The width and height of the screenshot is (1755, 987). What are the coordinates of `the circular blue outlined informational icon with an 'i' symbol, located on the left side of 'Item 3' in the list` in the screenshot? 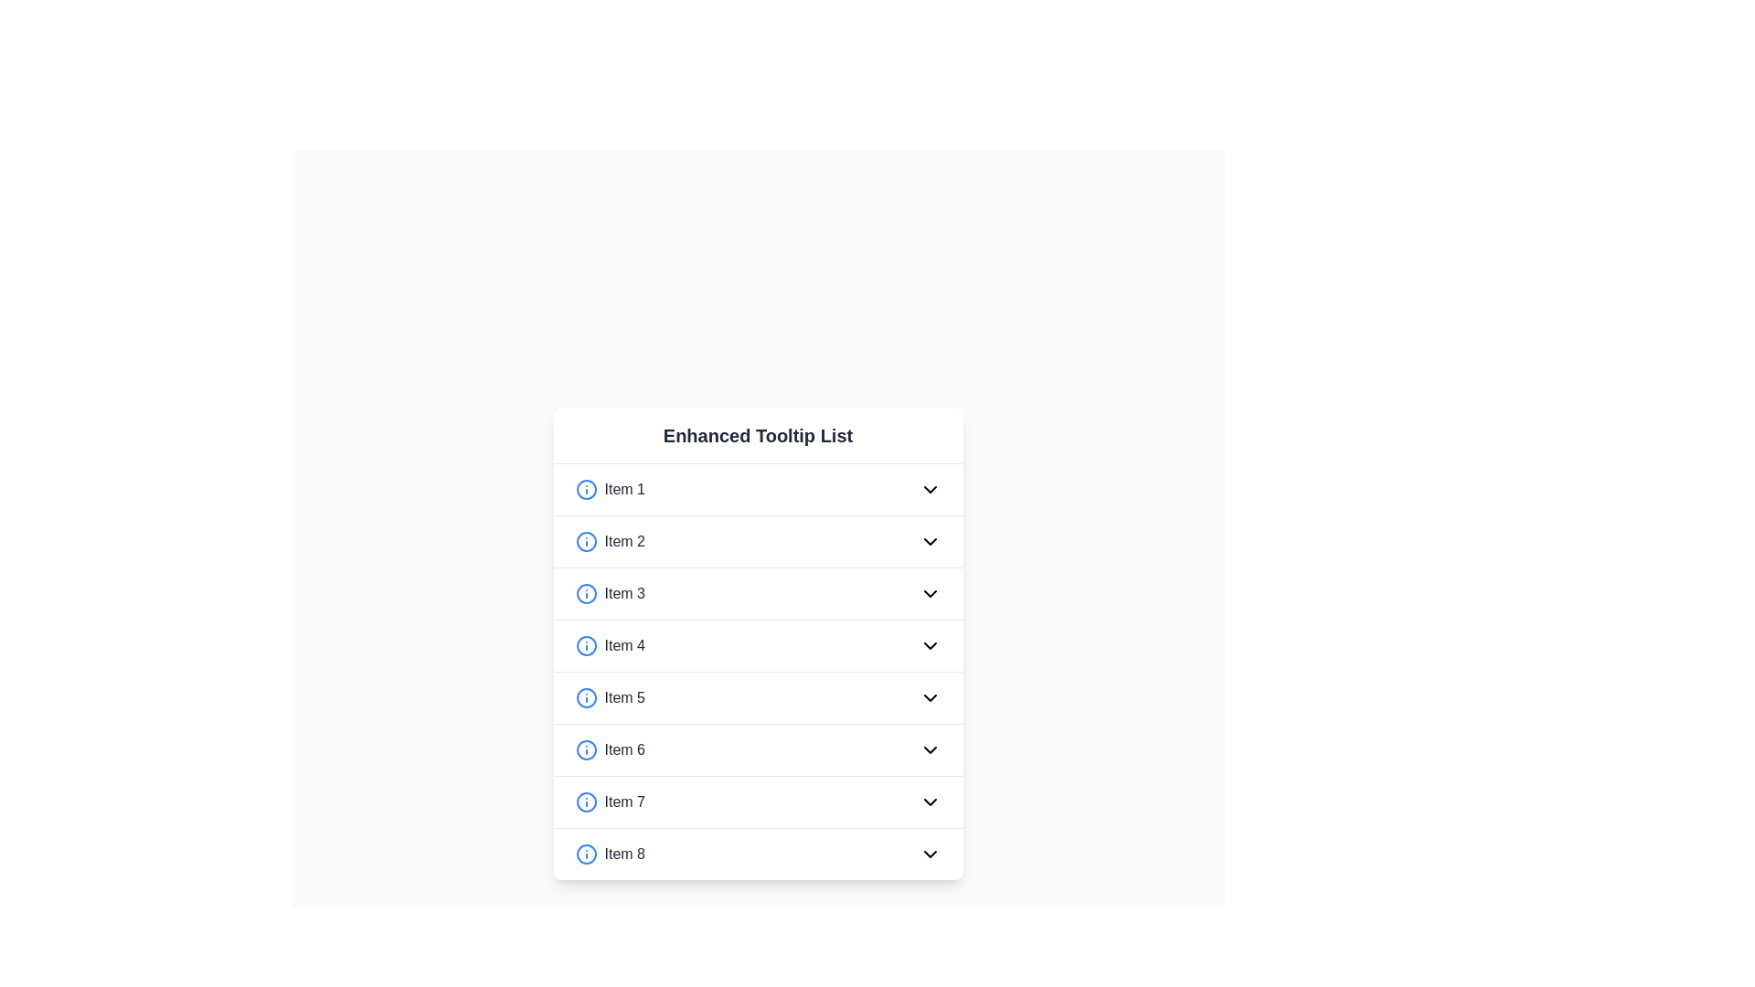 It's located at (586, 594).